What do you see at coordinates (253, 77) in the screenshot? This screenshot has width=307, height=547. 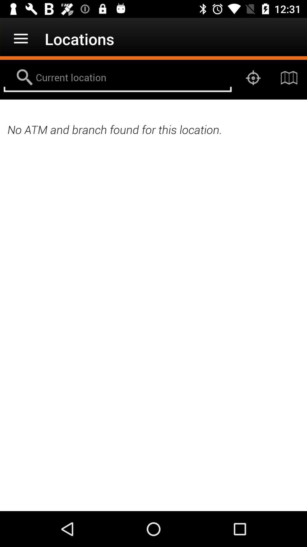 I see `the location_crosshair icon` at bounding box center [253, 77].